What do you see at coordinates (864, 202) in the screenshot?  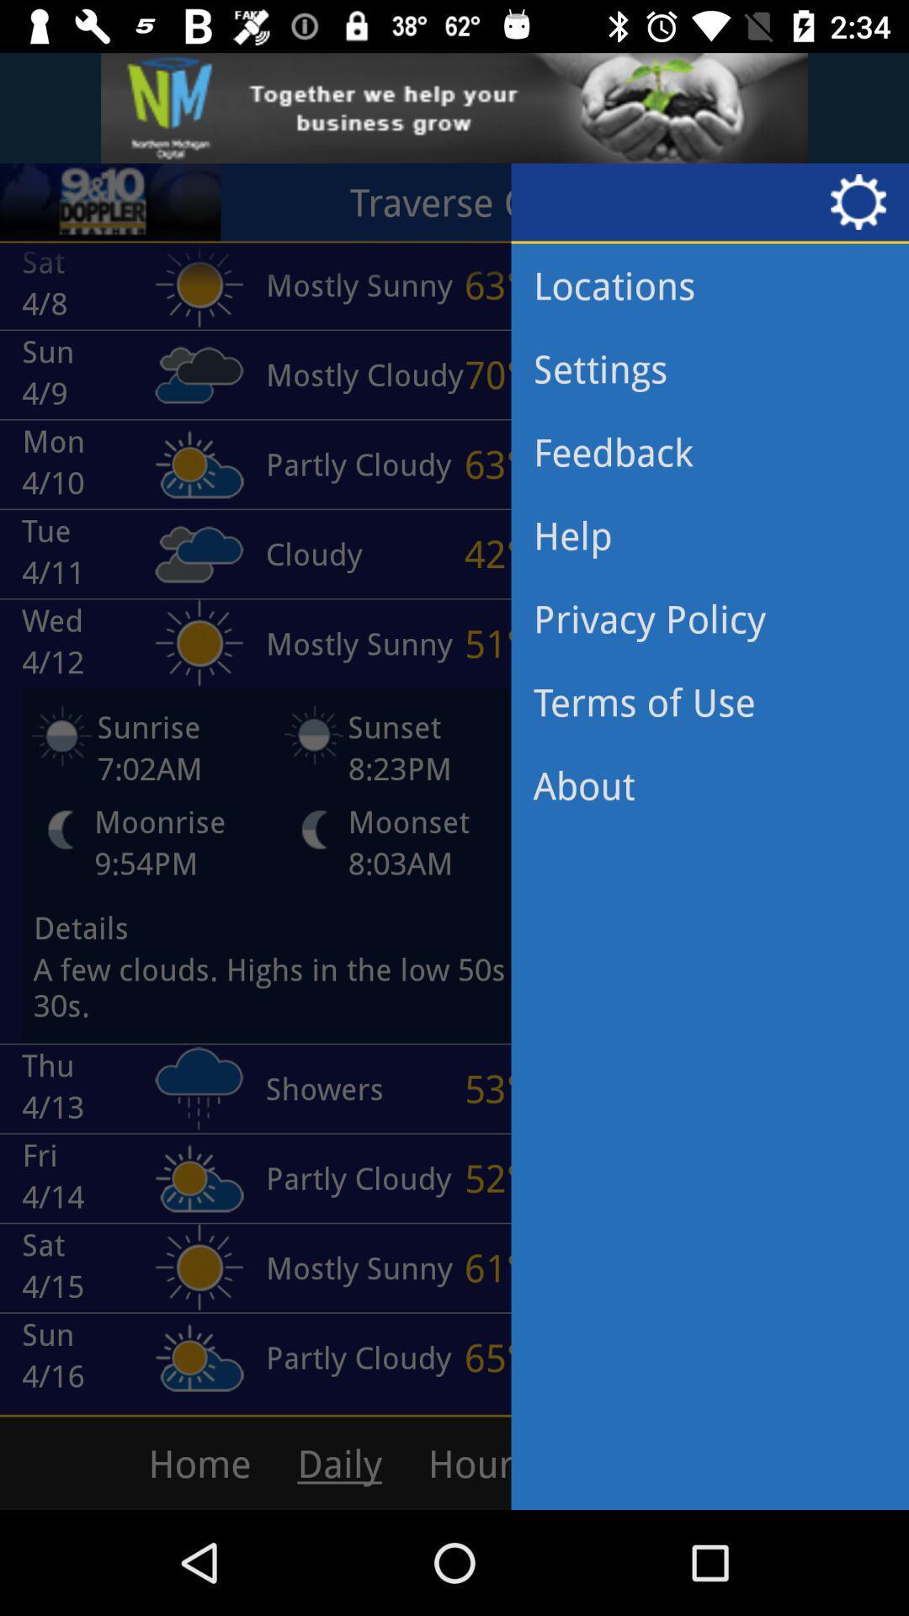 I see `settings icon` at bounding box center [864, 202].